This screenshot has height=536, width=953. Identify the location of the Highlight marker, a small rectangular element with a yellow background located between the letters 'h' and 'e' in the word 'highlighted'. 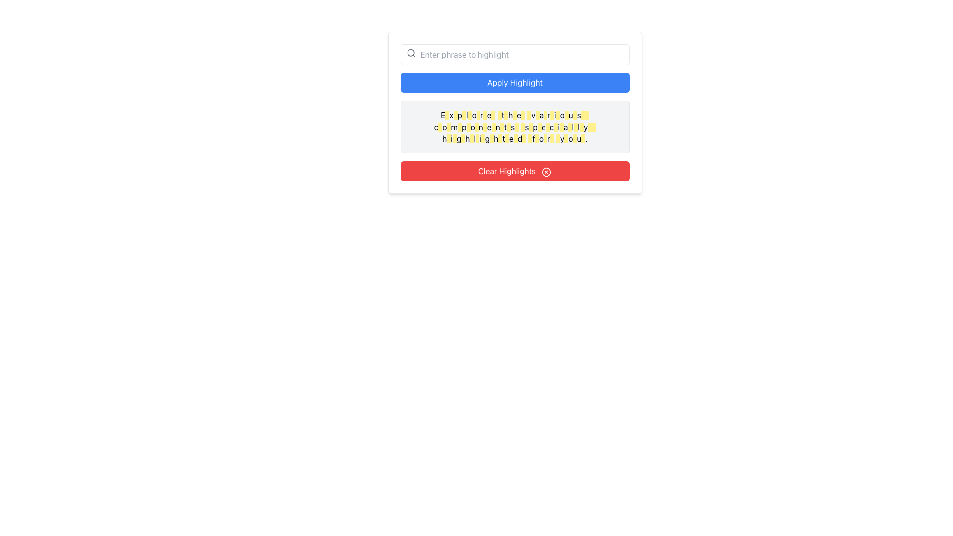
(523, 114).